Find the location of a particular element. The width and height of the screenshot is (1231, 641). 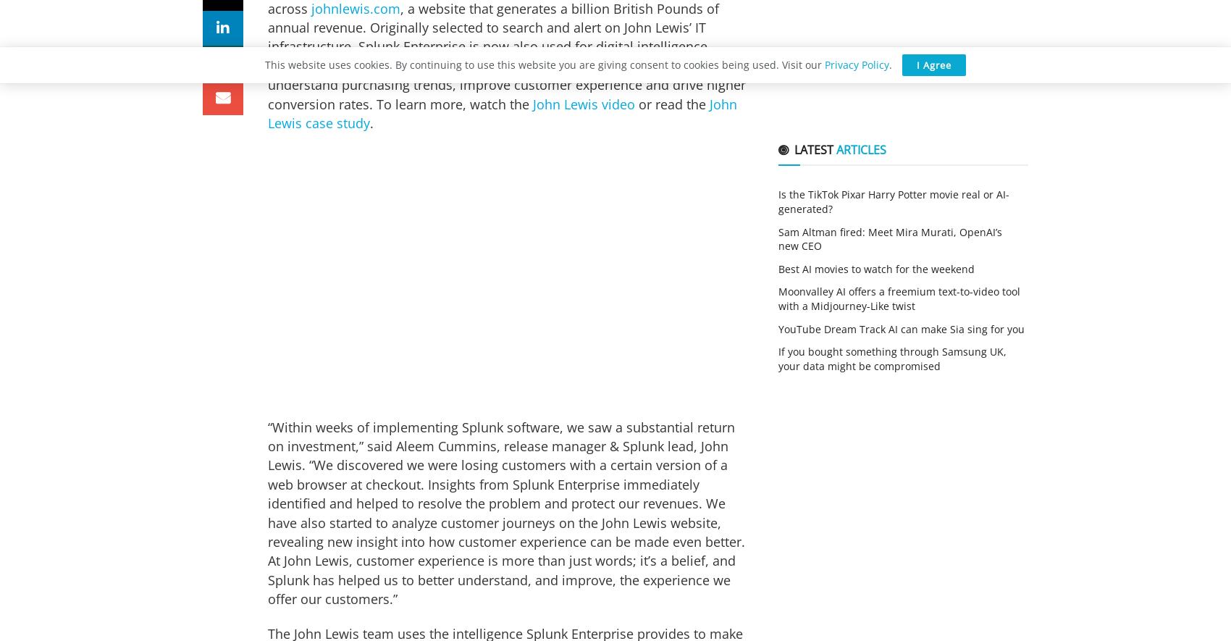

'Privacy Policy' is located at coordinates (856, 64).